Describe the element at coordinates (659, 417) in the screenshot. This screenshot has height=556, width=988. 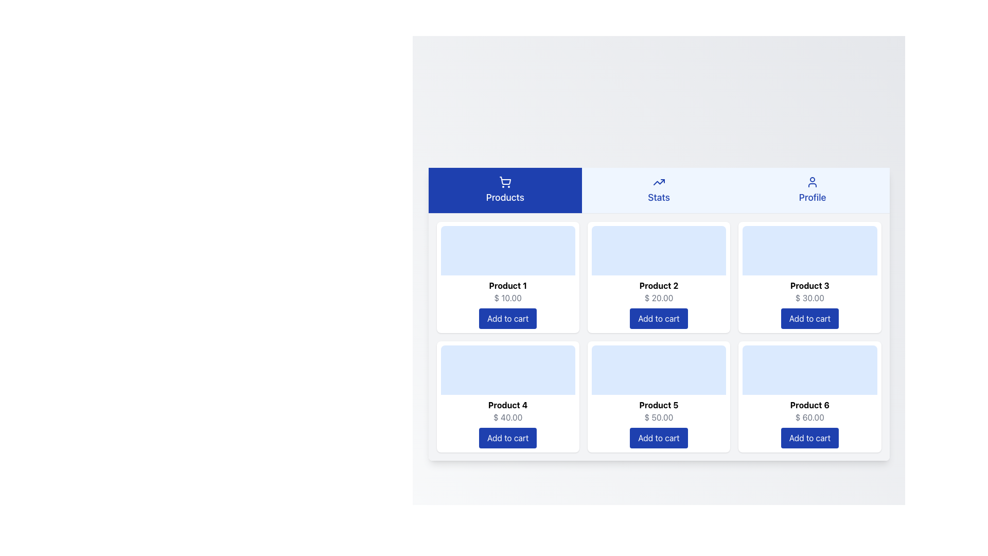
I see `the static text label displaying the price '$ 50.00' located in the product card for 'Product 5', which is styled in gray color and positioned below the product title` at that location.